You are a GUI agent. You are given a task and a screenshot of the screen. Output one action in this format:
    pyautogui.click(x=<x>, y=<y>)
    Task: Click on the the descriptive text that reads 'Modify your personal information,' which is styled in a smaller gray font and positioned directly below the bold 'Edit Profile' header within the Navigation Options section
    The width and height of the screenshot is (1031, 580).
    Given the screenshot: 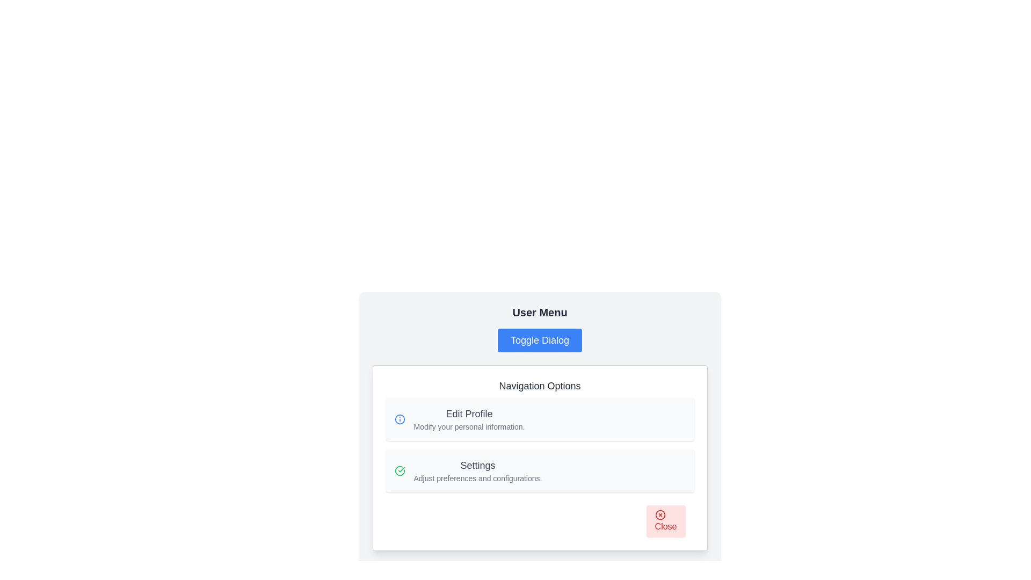 What is the action you would take?
    pyautogui.click(x=469, y=426)
    